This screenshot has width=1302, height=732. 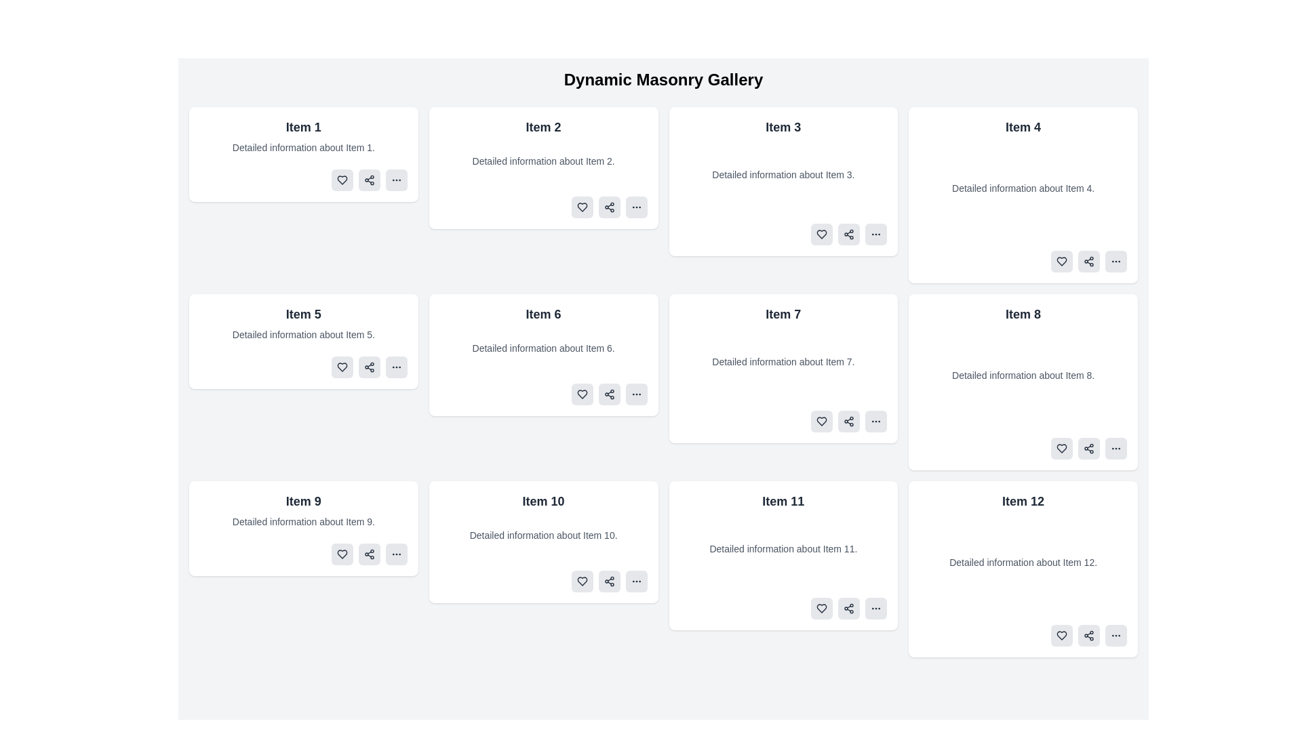 What do you see at coordinates (1116, 635) in the screenshot?
I see `the ellipsis options menu icon located in the bottom right corner of the 'Item 12' card` at bounding box center [1116, 635].